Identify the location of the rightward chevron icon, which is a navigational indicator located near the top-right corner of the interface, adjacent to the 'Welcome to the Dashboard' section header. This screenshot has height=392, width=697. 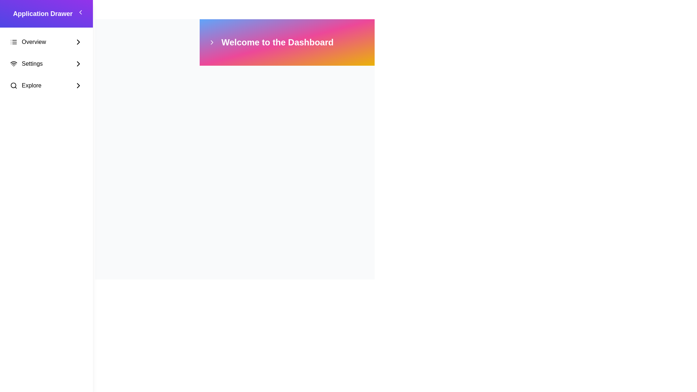
(78, 64).